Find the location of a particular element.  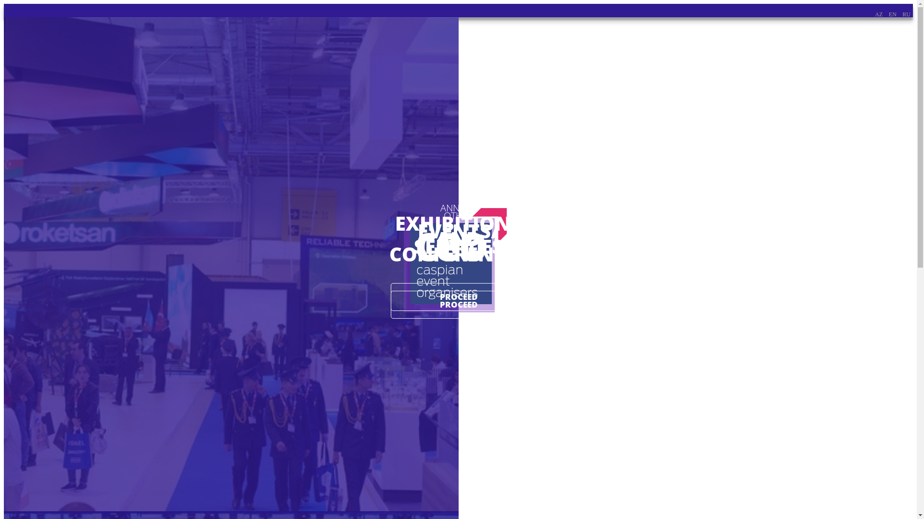

'PROCEED' is located at coordinates (458, 296).